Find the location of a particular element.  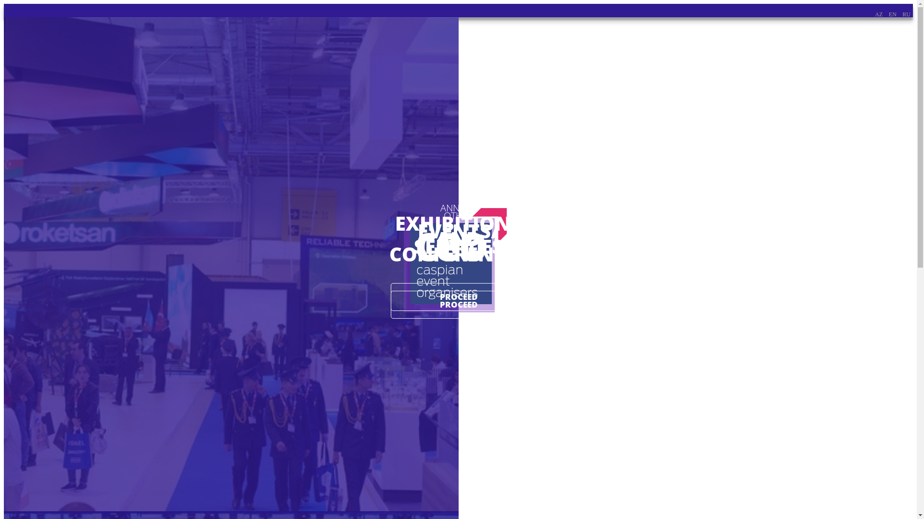

'PROCEED' is located at coordinates (458, 296).